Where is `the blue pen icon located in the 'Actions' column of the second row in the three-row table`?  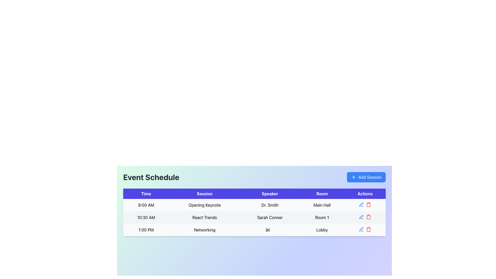
the blue pen icon located in the 'Actions' column of the second row in the three-row table is located at coordinates (361, 204).